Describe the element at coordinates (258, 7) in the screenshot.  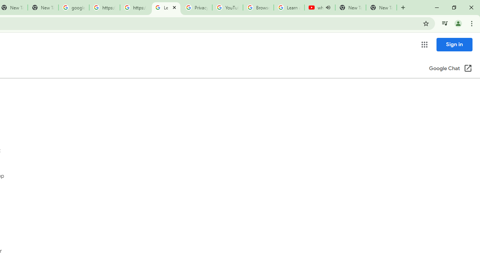
I see `'Browse Chrome as a guest - Computer - Google Chrome Help'` at that location.